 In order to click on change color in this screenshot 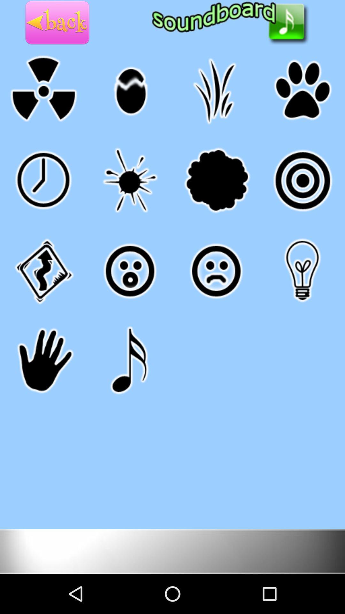, I will do `click(172, 551)`.